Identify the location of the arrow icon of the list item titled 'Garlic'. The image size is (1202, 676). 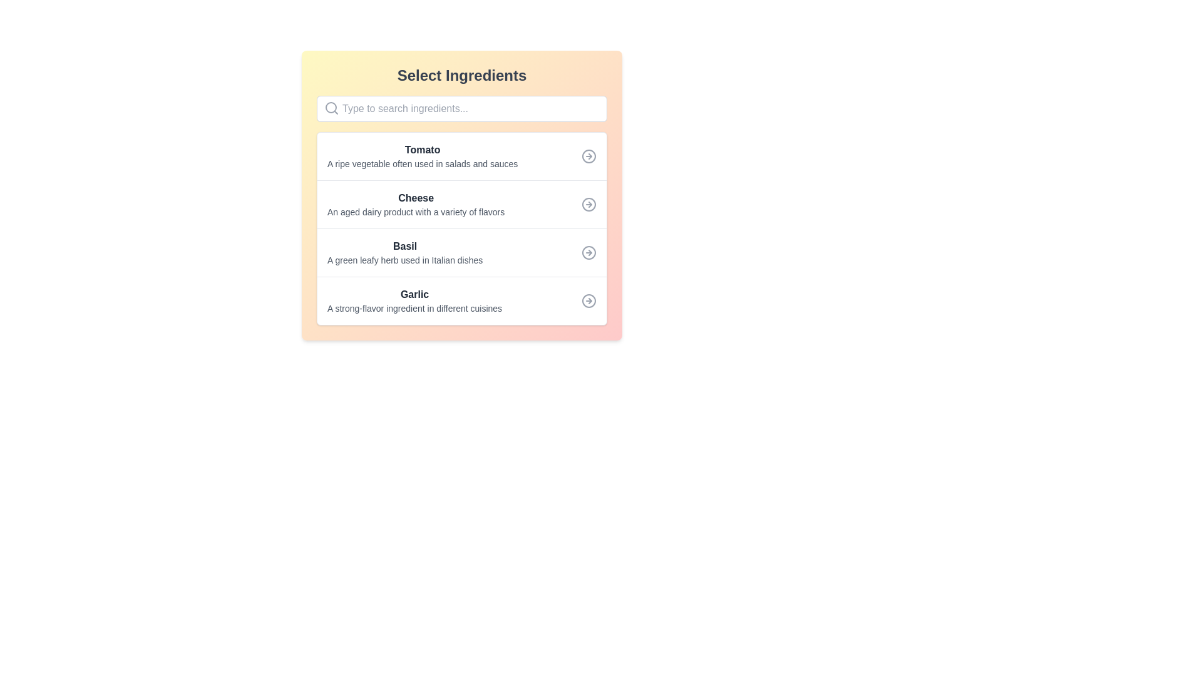
(461, 300).